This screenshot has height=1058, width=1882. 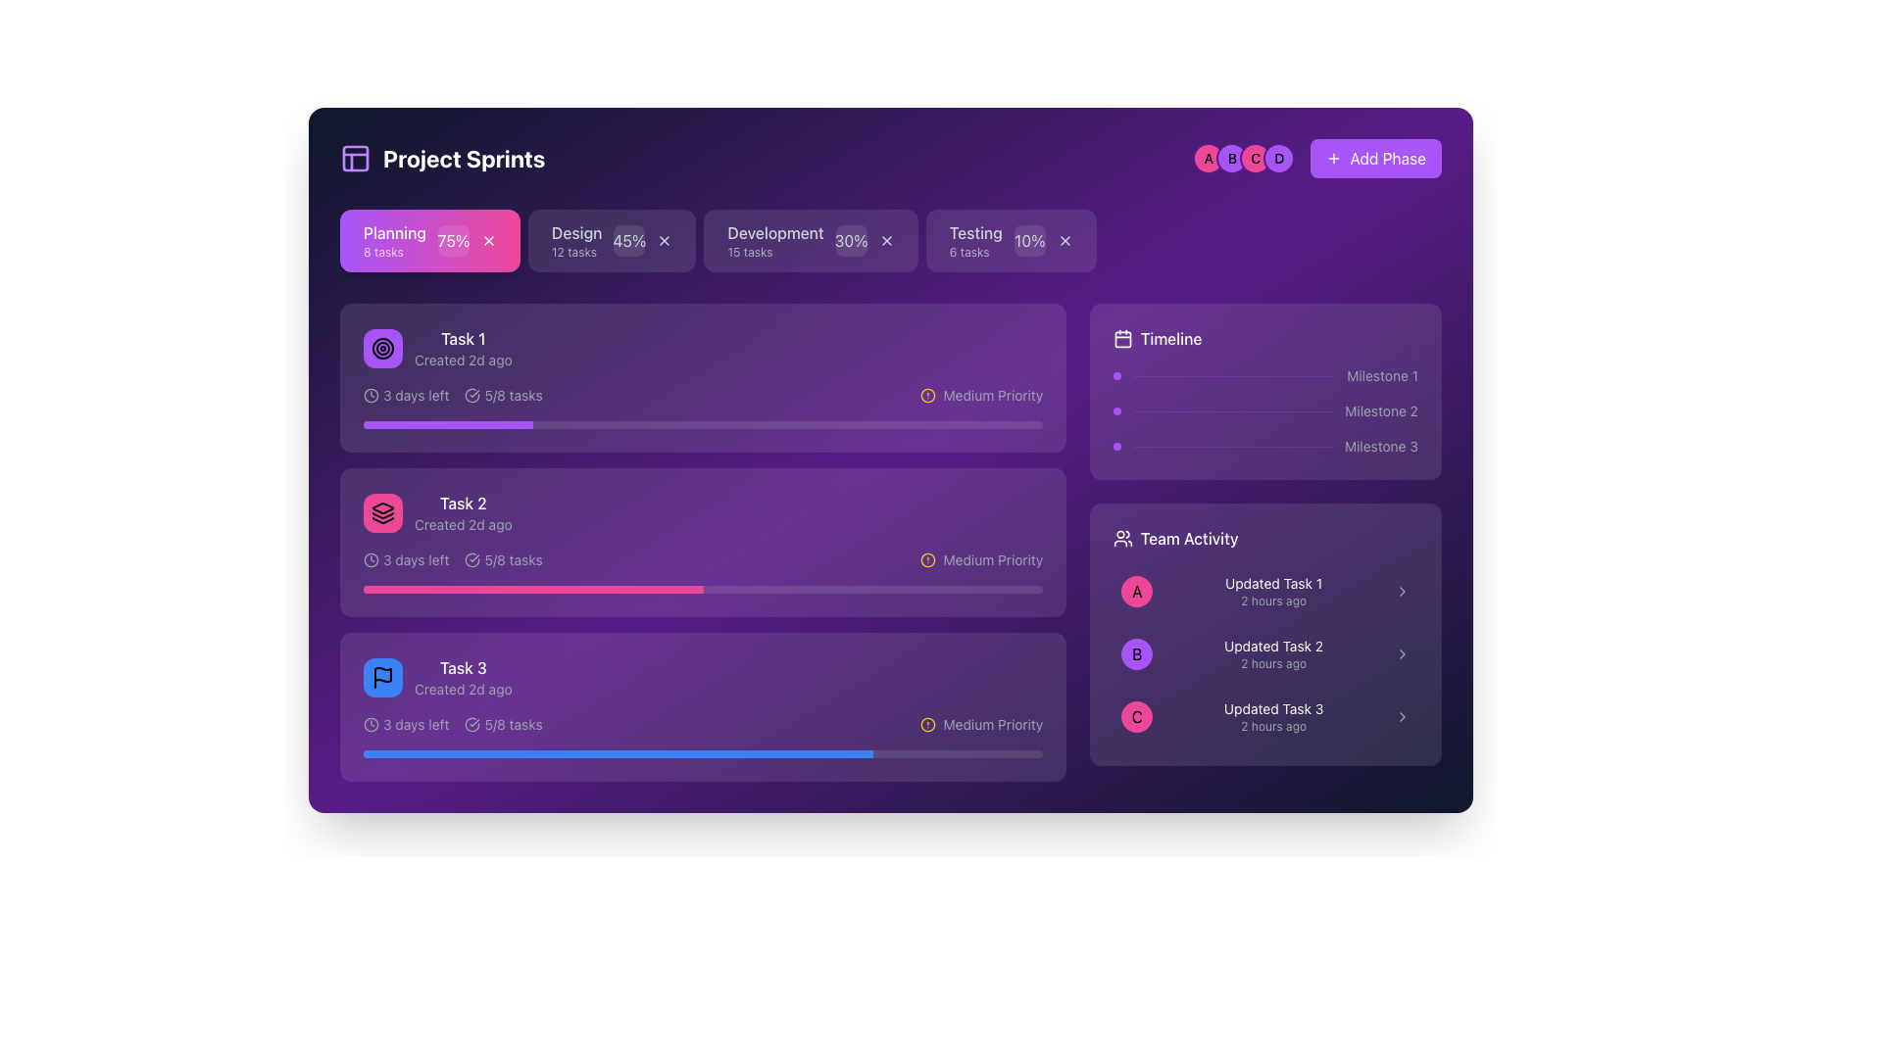 I want to click on the Close button (cross shape) located at the rightmost end of the 'Planning' card, so click(x=489, y=240).